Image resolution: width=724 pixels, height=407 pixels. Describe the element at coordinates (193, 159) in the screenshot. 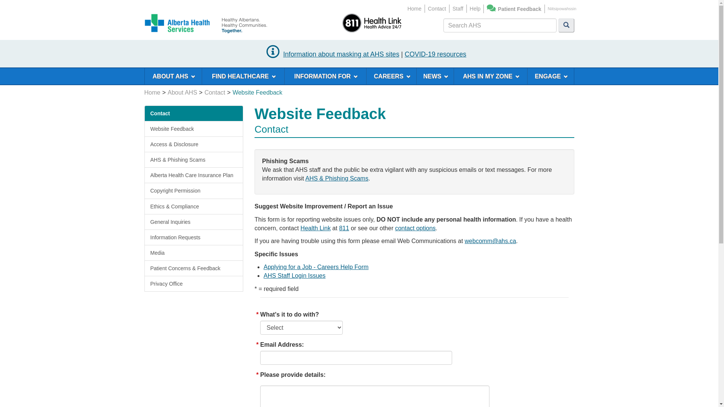

I see `'AHS & Phishing Scams'` at that location.